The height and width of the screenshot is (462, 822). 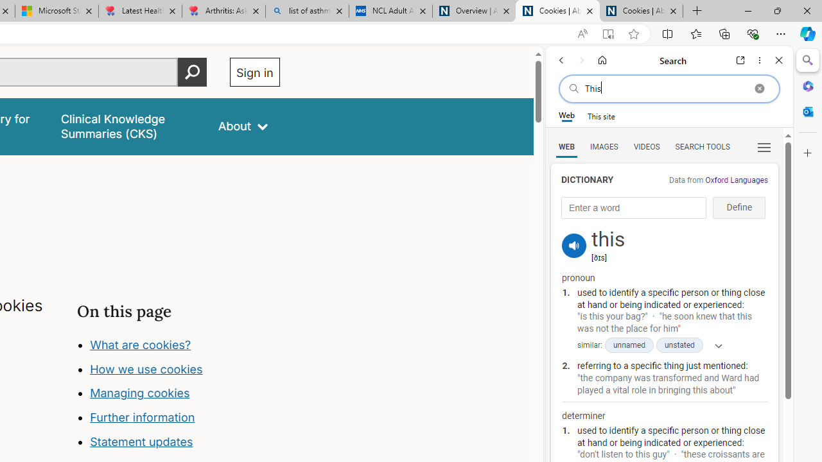 I want to click on 'pronounce', so click(x=573, y=246).